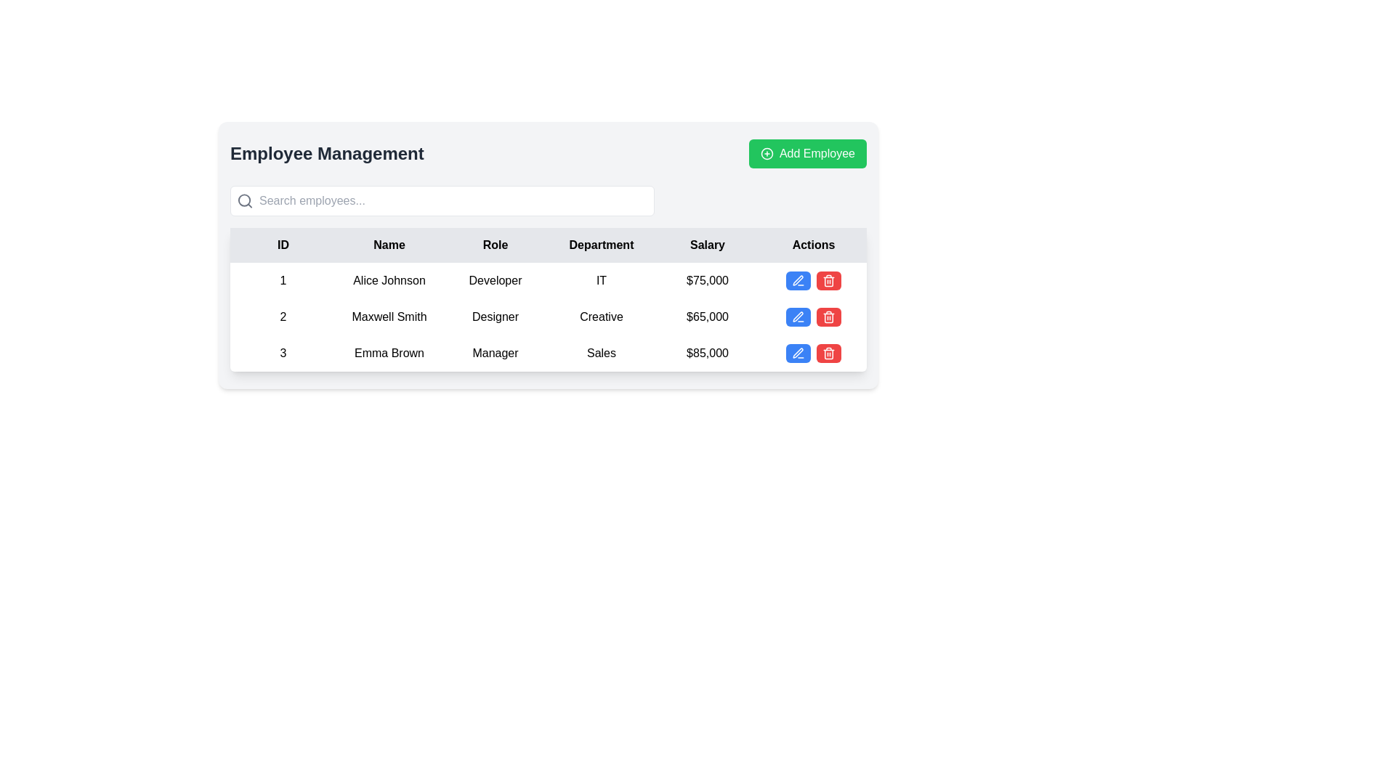 The image size is (1395, 784). Describe the element at coordinates (547, 254) in the screenshot. I see `the central area of the employee details table` at that location.